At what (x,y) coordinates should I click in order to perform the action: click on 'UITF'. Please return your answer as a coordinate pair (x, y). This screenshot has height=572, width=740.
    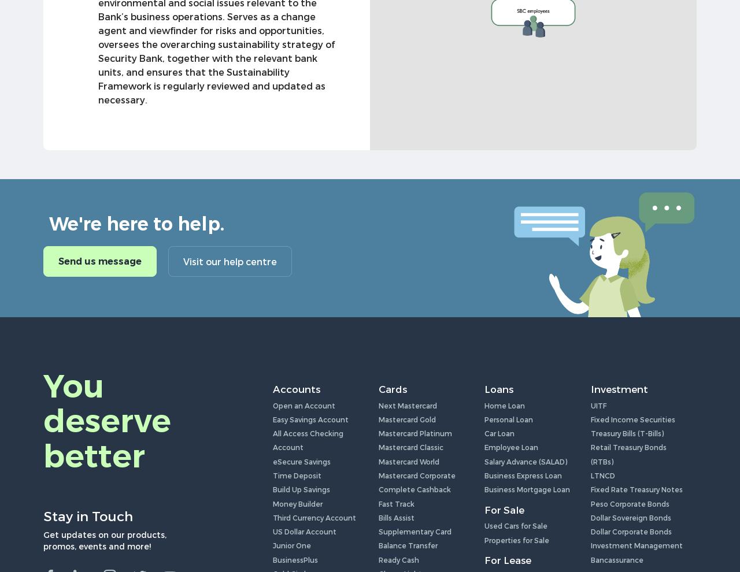
    Looking at the image, I should click on (598, 404).